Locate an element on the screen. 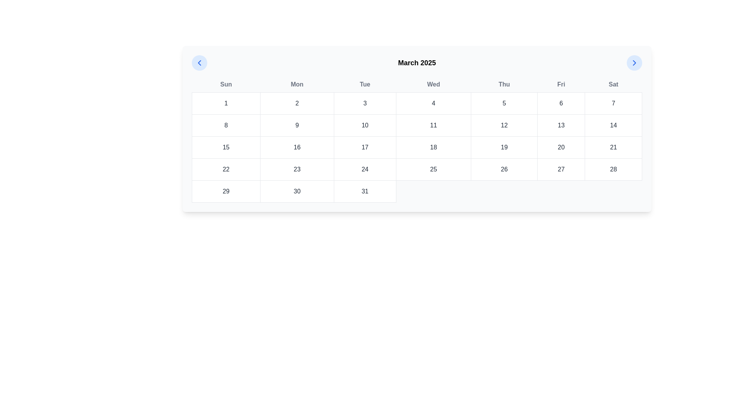  the right-facing chevron icon within the circular button in the top-right corner of the calendar interface is located at coordinates (634, 62).